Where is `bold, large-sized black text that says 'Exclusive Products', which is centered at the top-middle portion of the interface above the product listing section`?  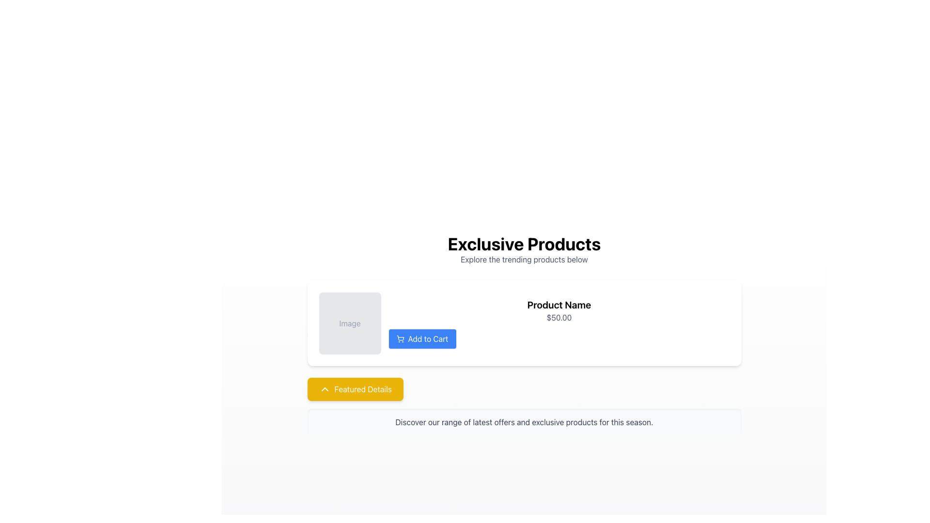
bold, large-sized black text that says 'Exclusive Products', which is centered at the top-middle portion of the interface above the product listing section is located at coordinates (524, 244).